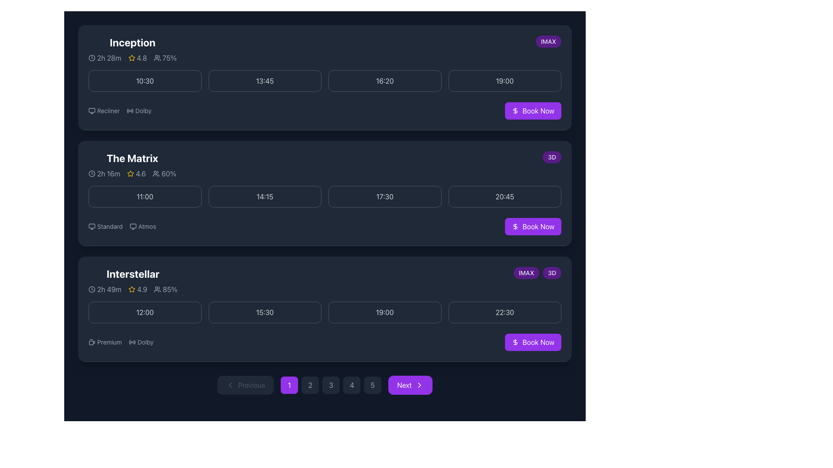  I want to click on informational label that displays seating type ('Recliner') and audio technology ('Dolby') for the movie 'Inception', located below the movie's duration and above the time slots, so click(119, 110).